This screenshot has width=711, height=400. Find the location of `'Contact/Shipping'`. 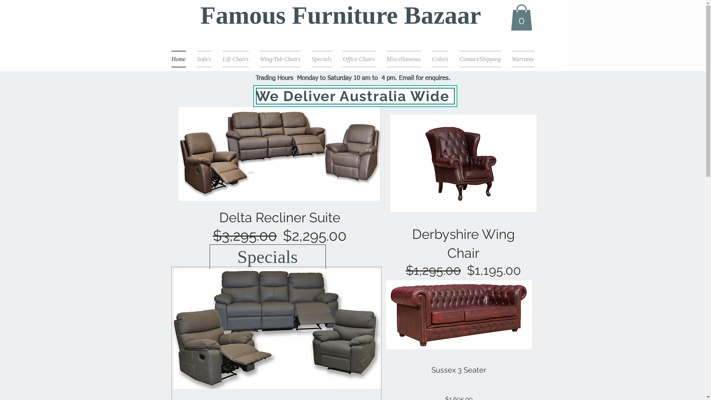

'Contact/Shipping' is located at coordinates (480, 59).